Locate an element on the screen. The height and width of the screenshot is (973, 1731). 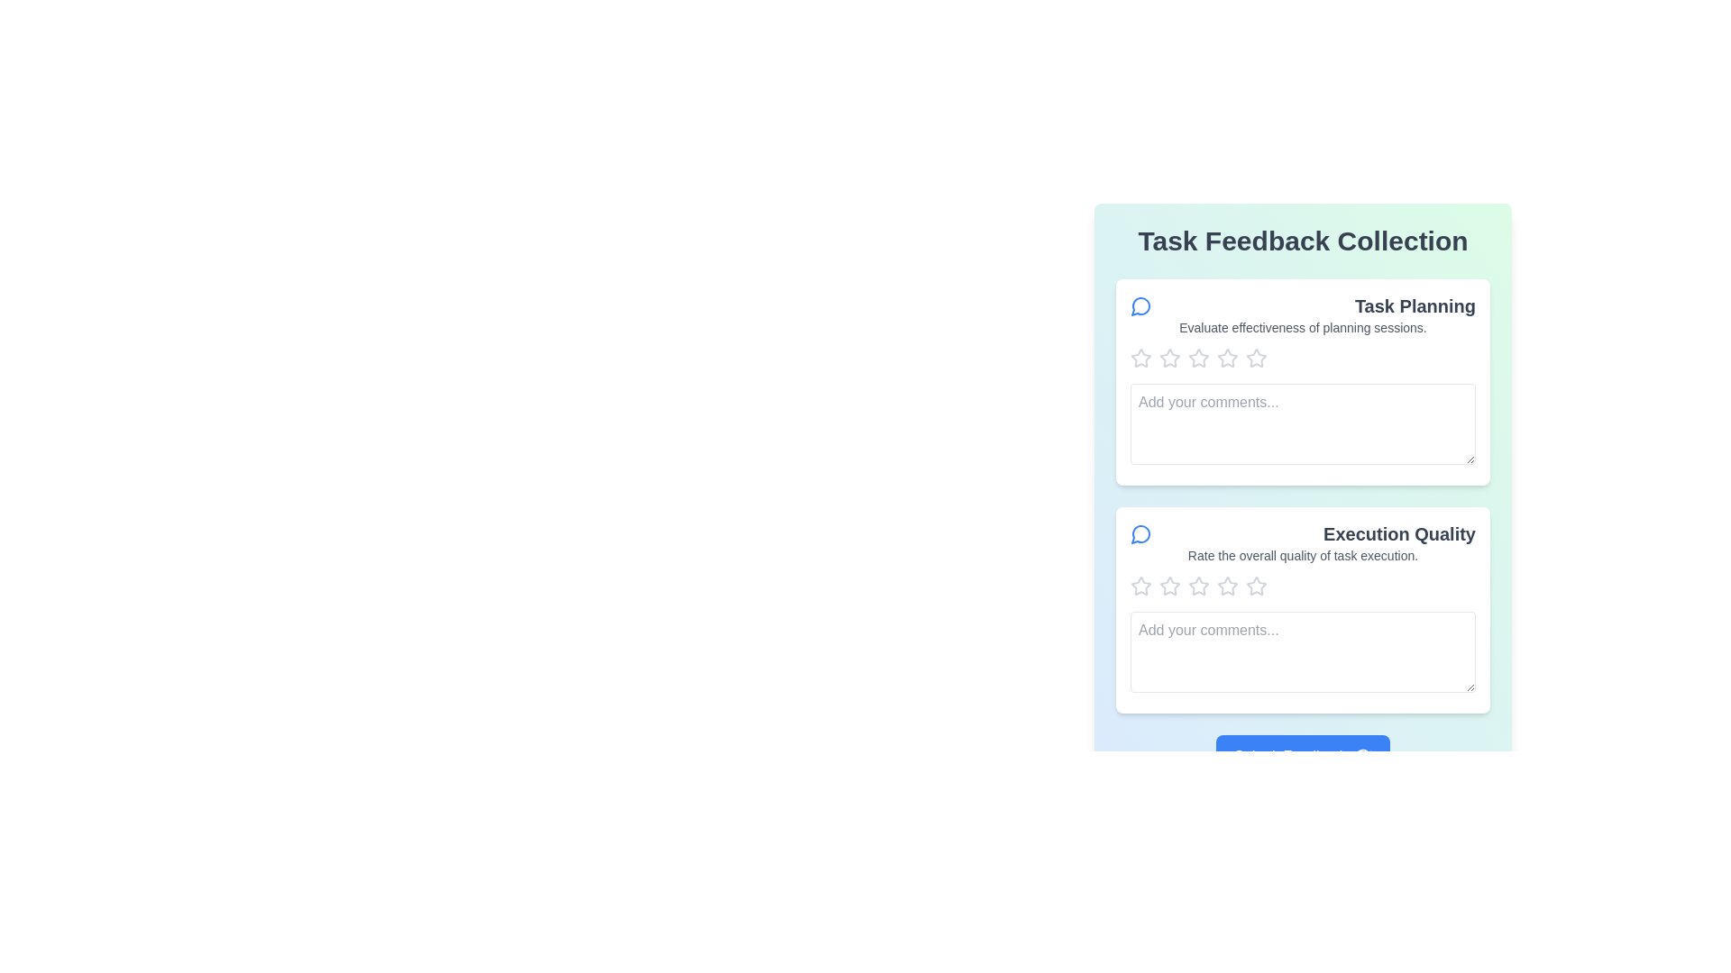
the third star in the five-star rating interface of the 'Execution Quality' section is located at coordinates (1169, 587).